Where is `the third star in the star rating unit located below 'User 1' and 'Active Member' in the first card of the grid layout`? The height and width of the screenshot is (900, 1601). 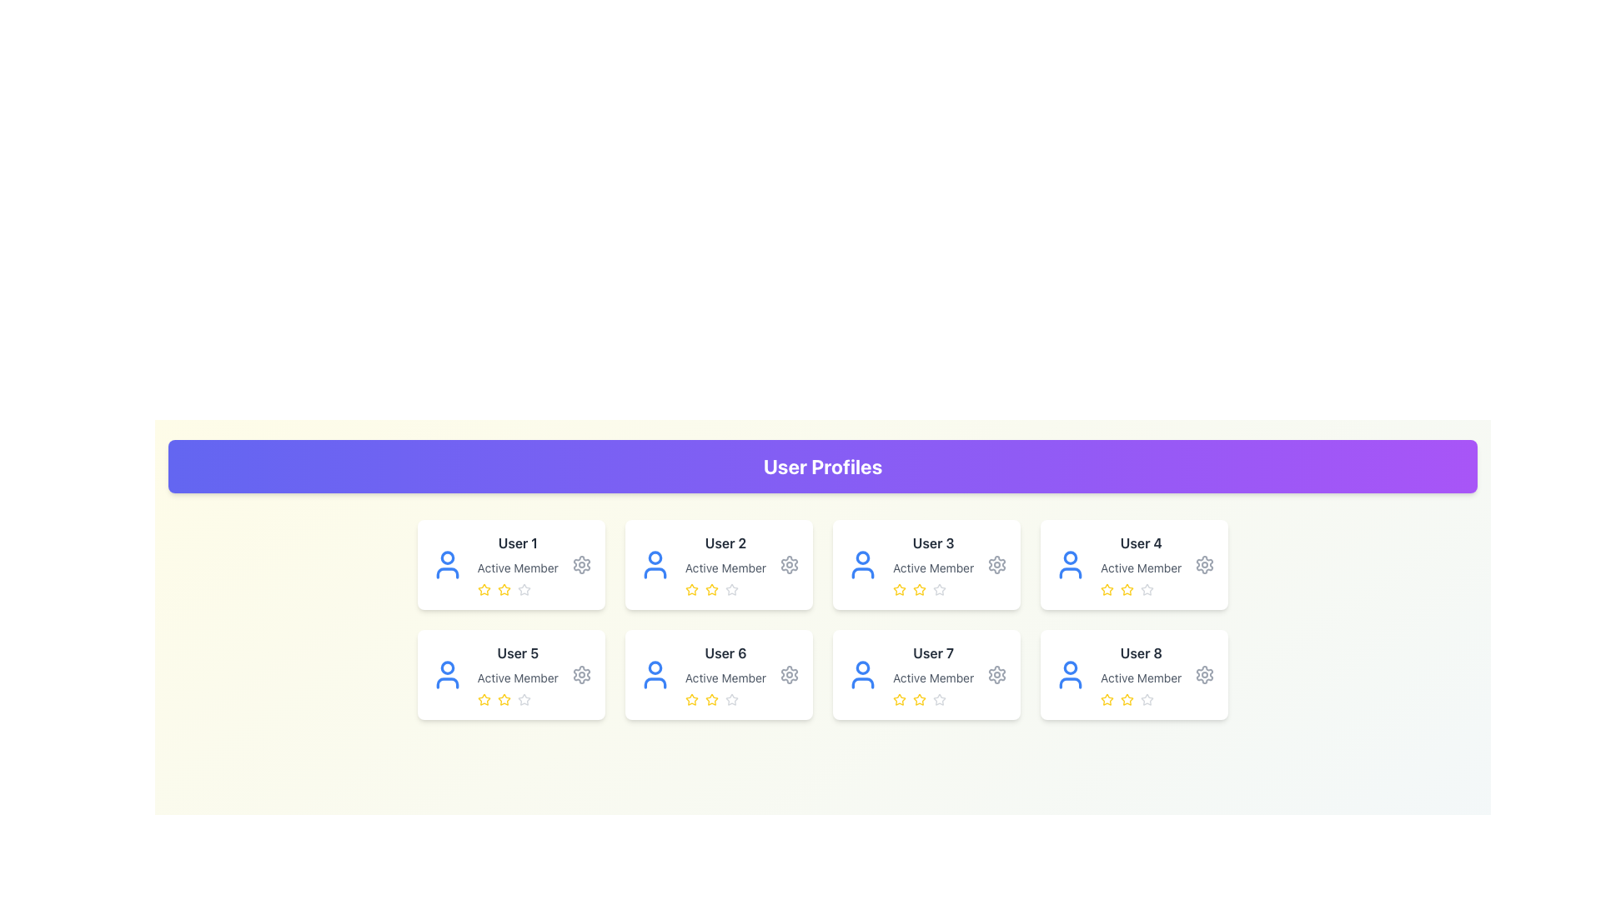
the third star in the star rating unit located below 'User 1' and 'Active Member' in the first card of the grid layout is located at coordinates (517, 589).